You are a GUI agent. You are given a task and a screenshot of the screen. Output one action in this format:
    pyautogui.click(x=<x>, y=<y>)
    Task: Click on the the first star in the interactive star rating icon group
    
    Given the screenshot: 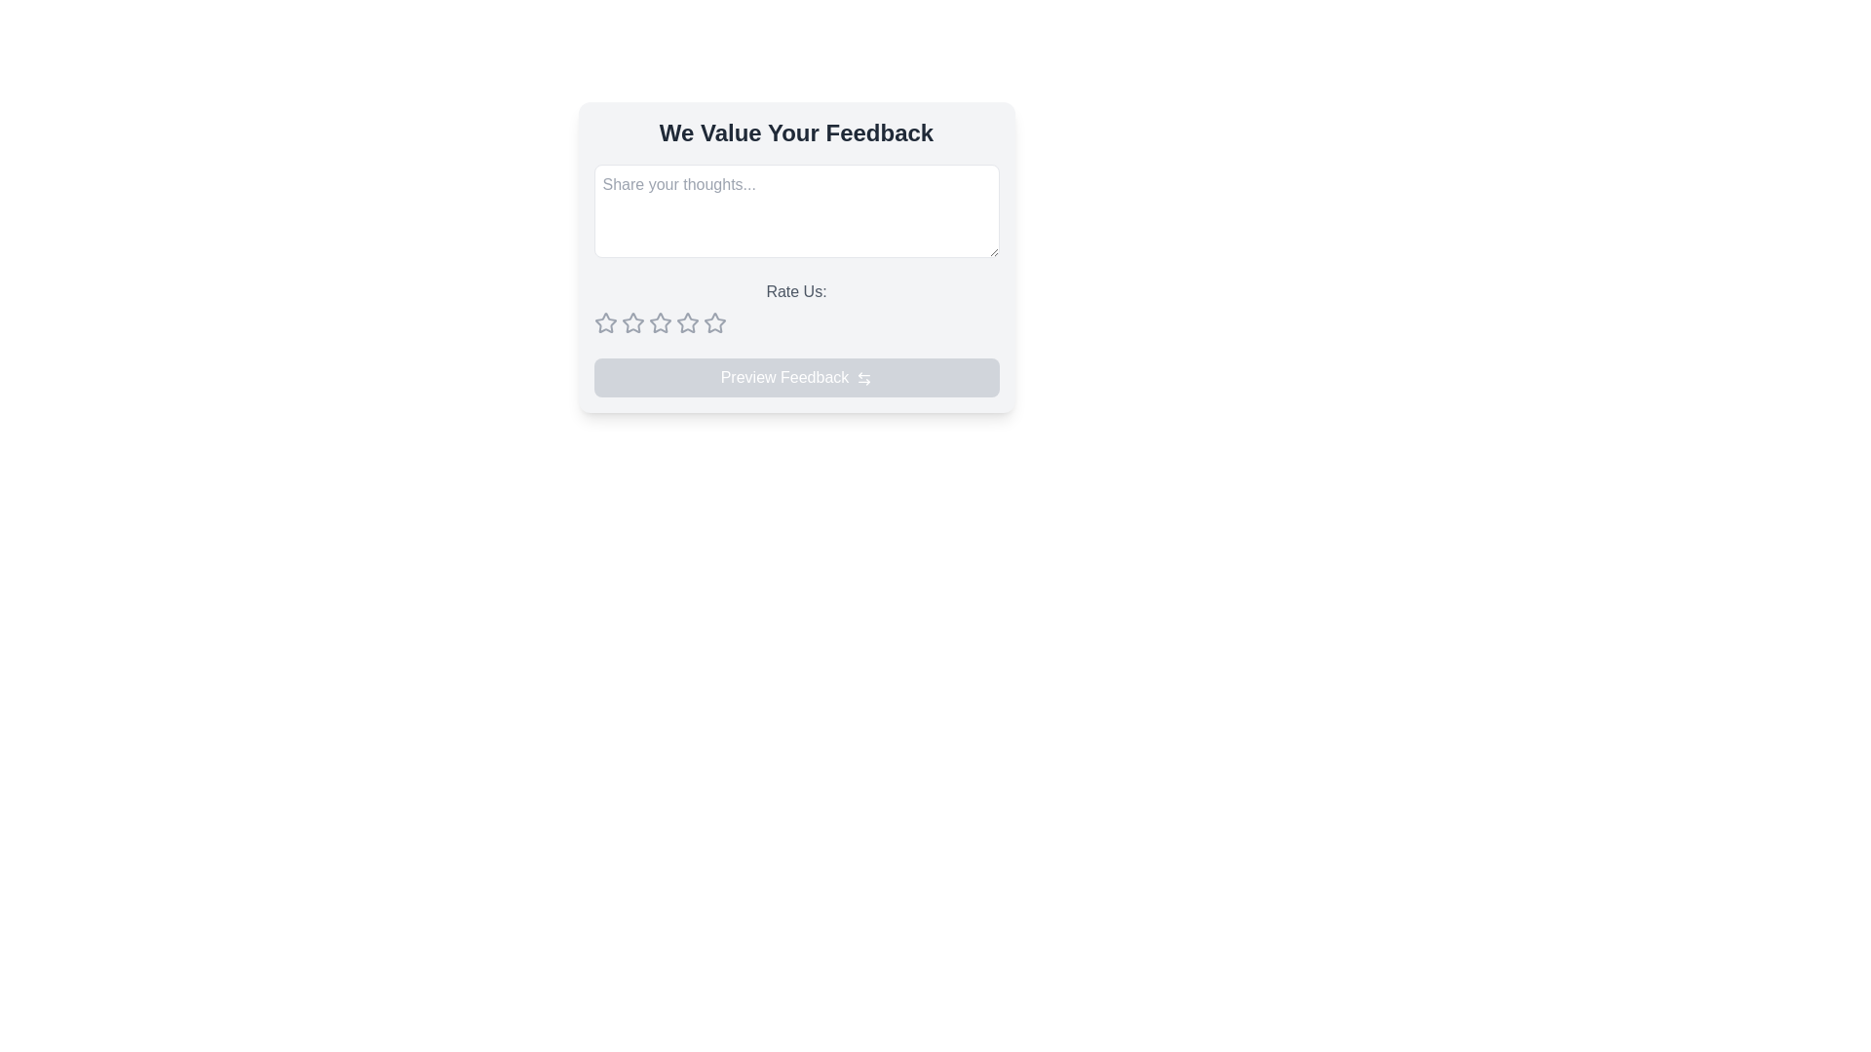 What is the action you would take?
    pyautogui.click(x=604, y=321)
    